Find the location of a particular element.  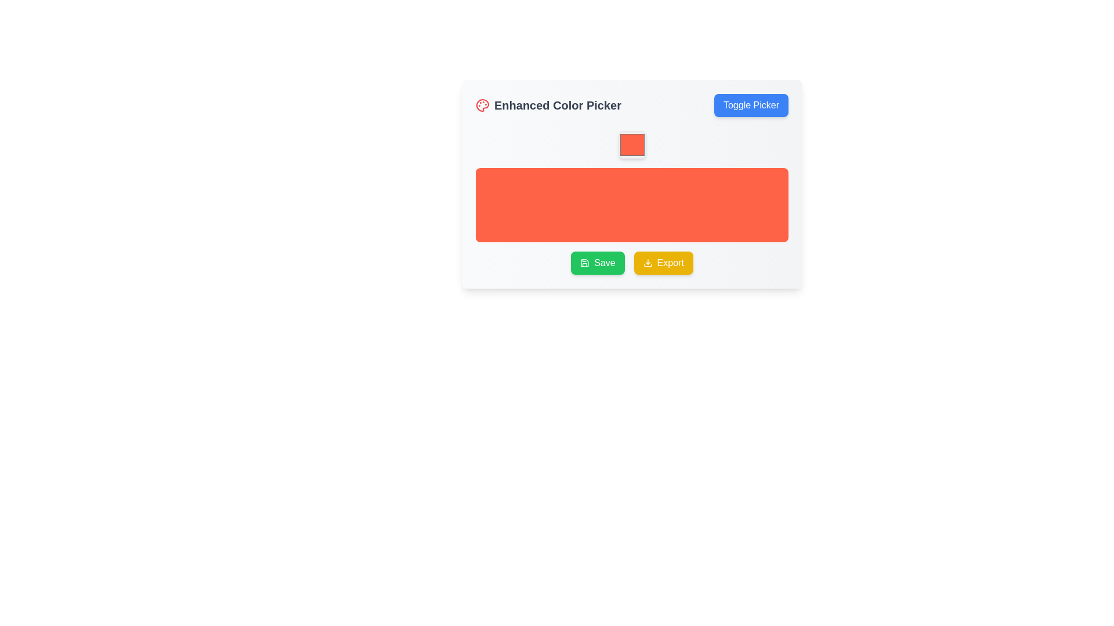

the 'Save' button located at the bottom-center of the interface is located at coordinates (598, 263).